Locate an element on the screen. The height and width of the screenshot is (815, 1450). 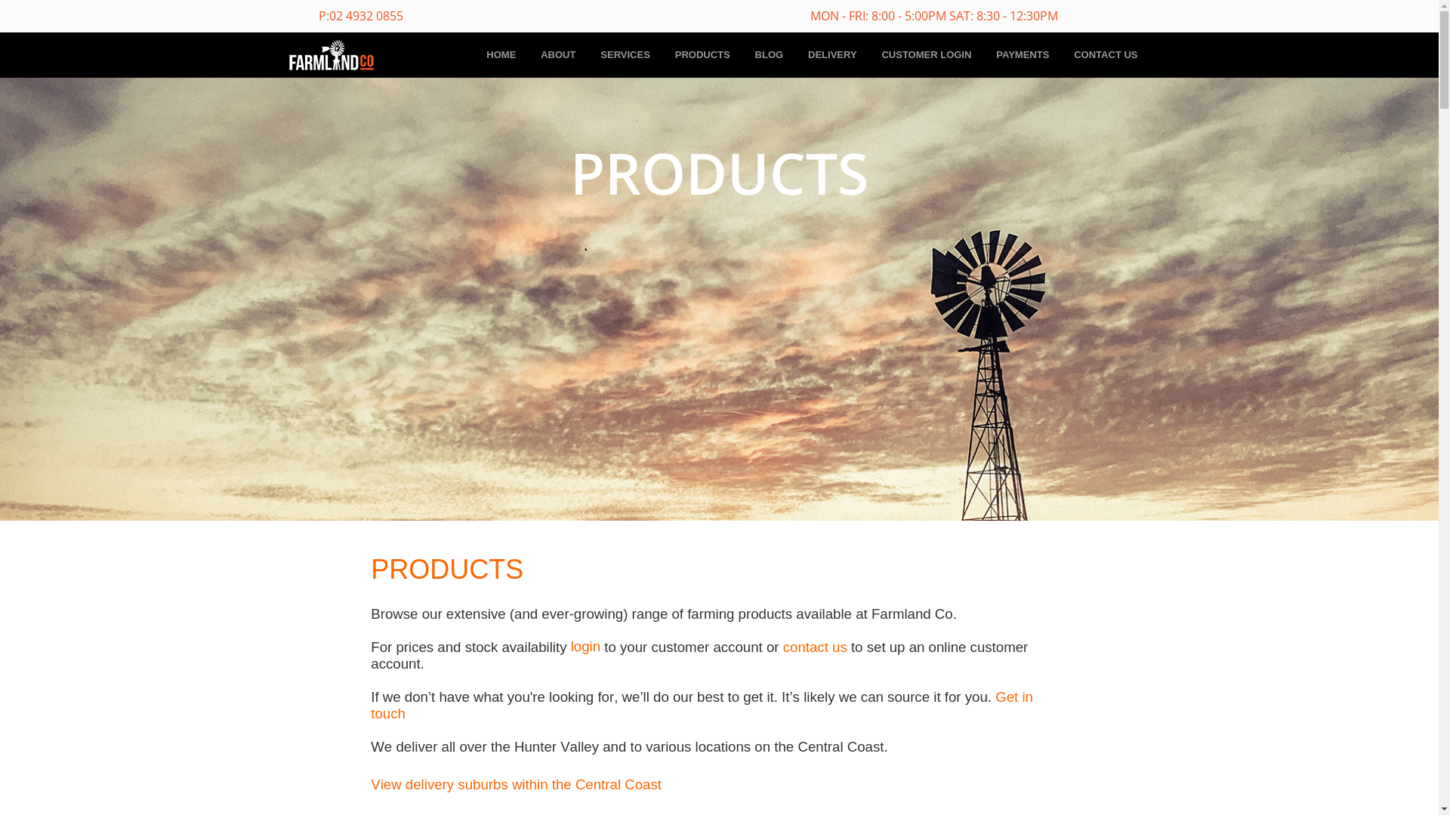
'View delivery suburbs within the Central Coast' is located at coordinates (516, 783).